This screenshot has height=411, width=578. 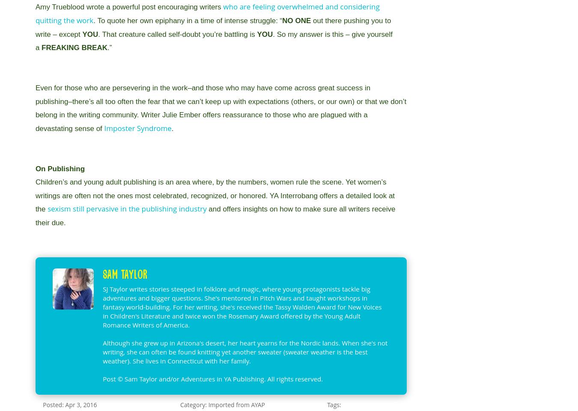 What do you see at coordinates (74, 48) in the screenshot?
I see `'FREAKING BREAK'` at bounding box center [74, 48].